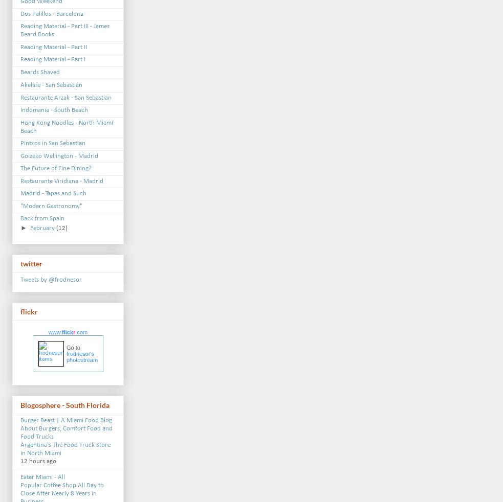  I want to click on 'Madrid - Tapas and Such', so click(53, 193).